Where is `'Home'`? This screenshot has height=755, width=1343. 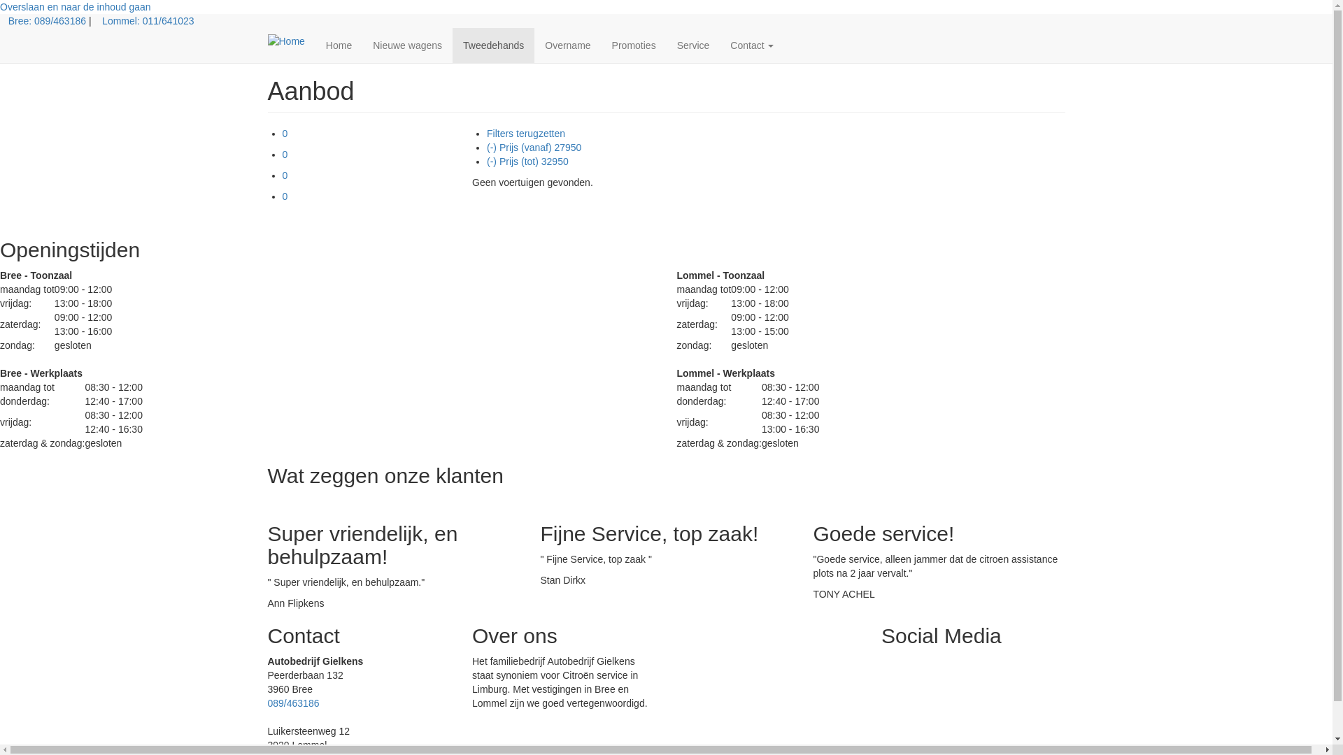
'Home' is located at coordinates (339, 45).